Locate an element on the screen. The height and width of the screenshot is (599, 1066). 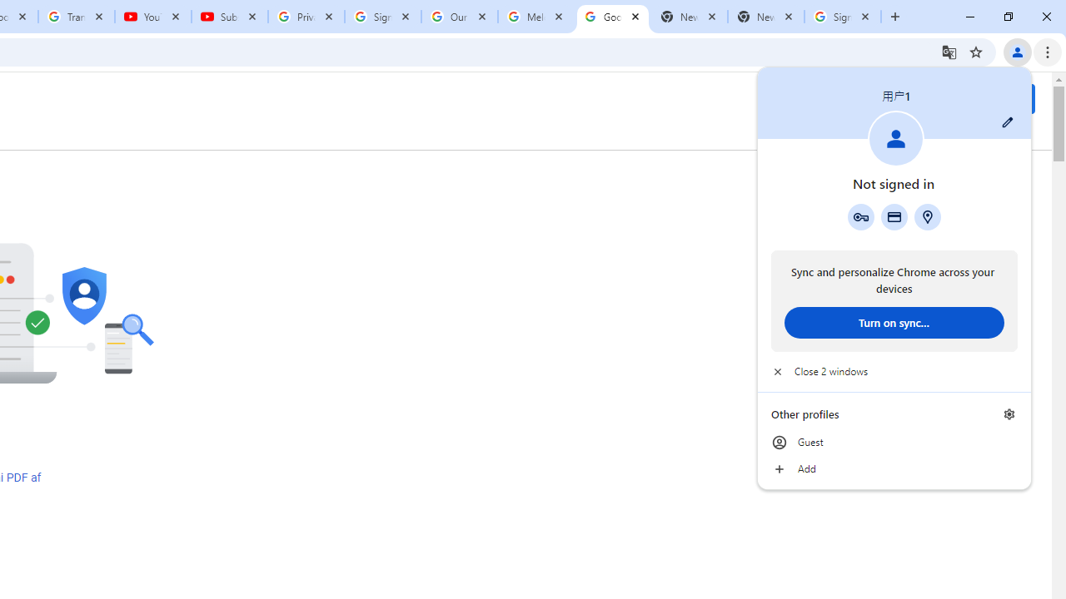
'Customize profile' is located at coordinates (1007, 121).